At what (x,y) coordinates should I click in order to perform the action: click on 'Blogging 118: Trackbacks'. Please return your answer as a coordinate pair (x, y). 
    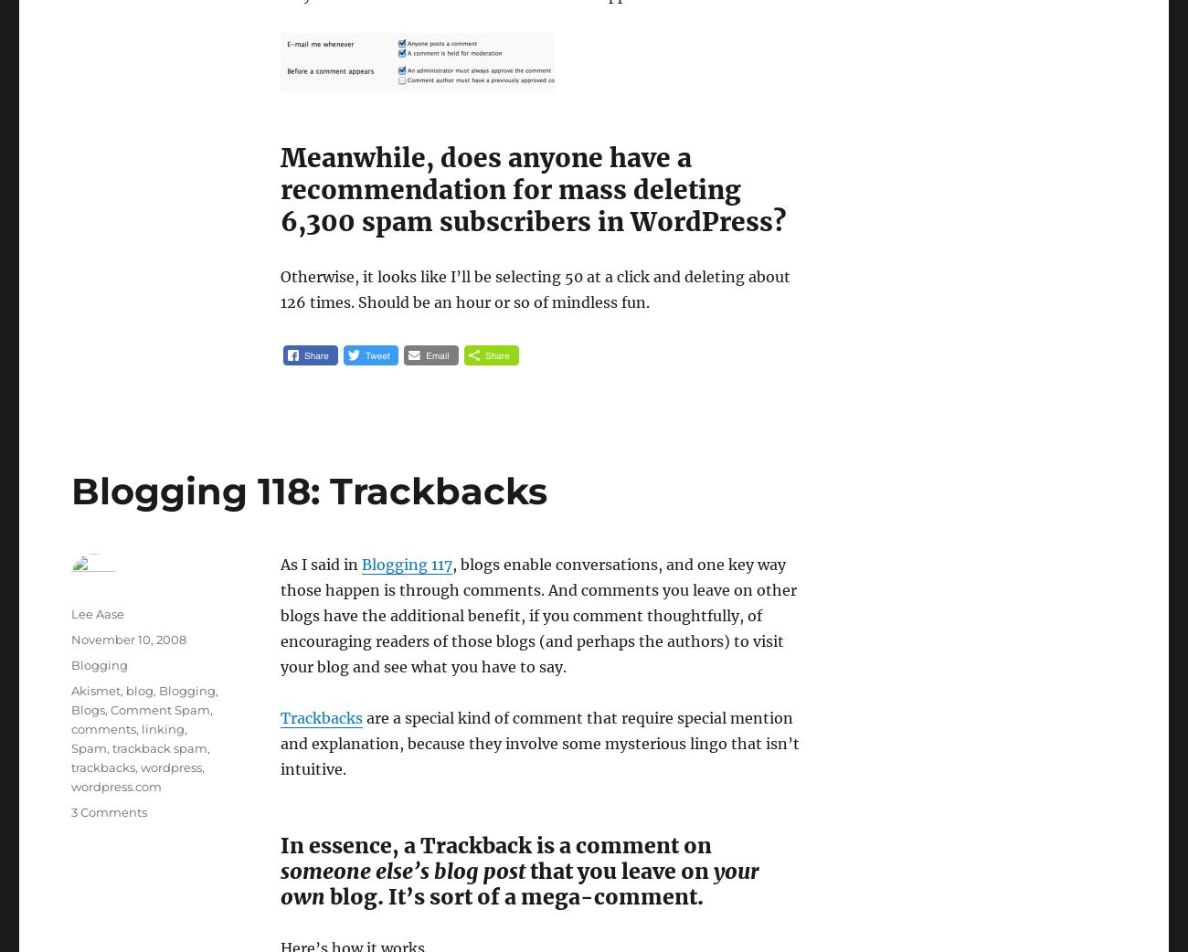
    Looking at the image, I should click on (308, 490).